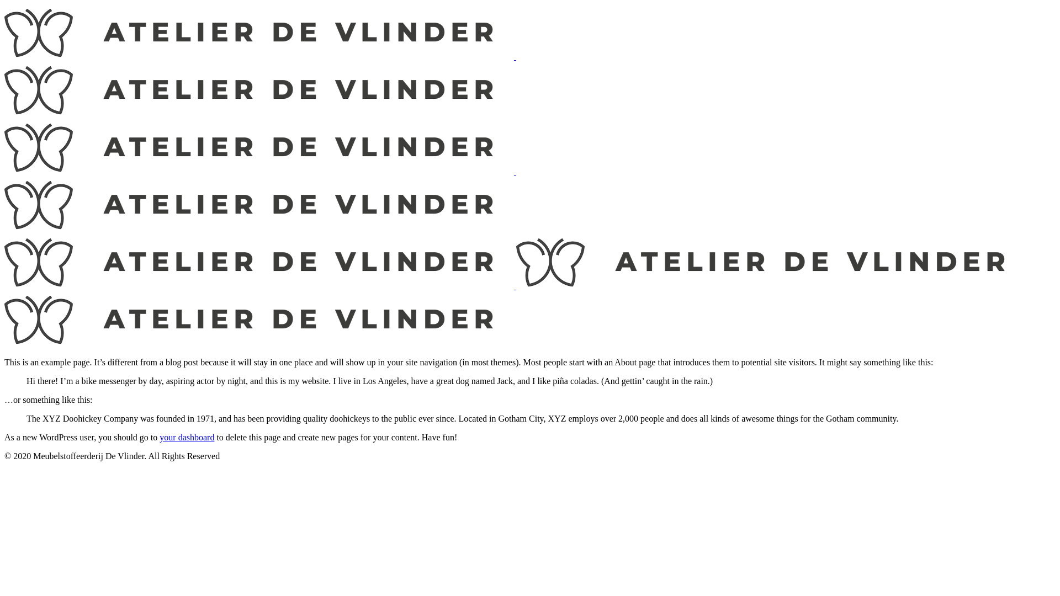 This screenshot has width=1060, height=596. What do you see at coordinates (187, 437) in the screenshot?
I see `'your dashboard'` at bounding box center [187, 437].